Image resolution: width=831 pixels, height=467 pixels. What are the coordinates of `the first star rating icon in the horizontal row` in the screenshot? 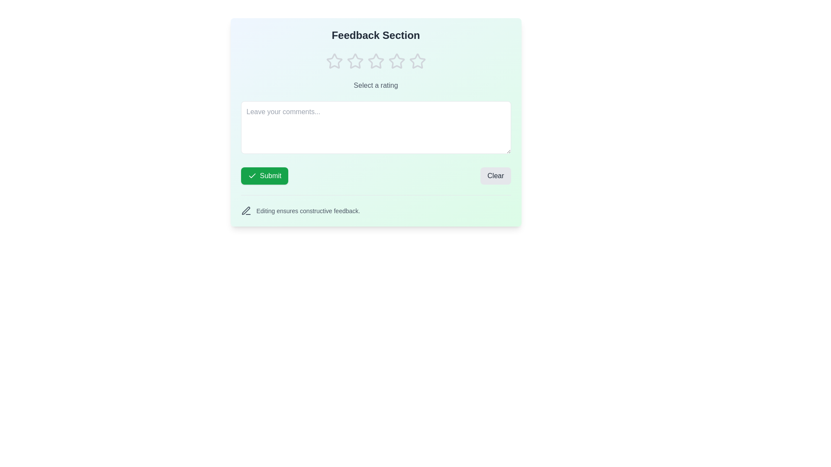 It's located at (334, 61).